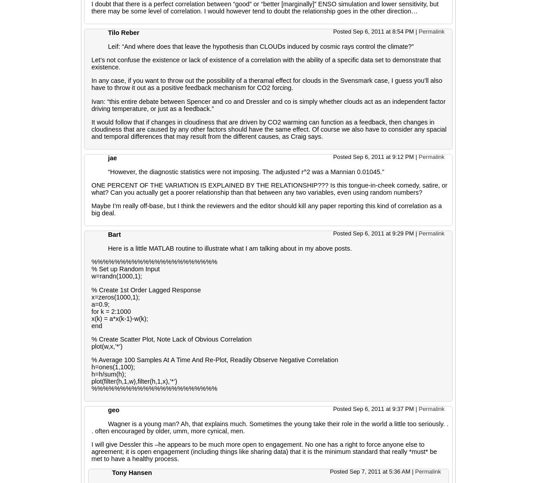 The width and height of the screenshot is (542, 483). Describe the element at coordinates (90, 63) in the screenshot. I see `'Let’s not confuse the existence or lack of existence of a correlation with the ability of a specific data set to demonstrate that existence.'` at that location.